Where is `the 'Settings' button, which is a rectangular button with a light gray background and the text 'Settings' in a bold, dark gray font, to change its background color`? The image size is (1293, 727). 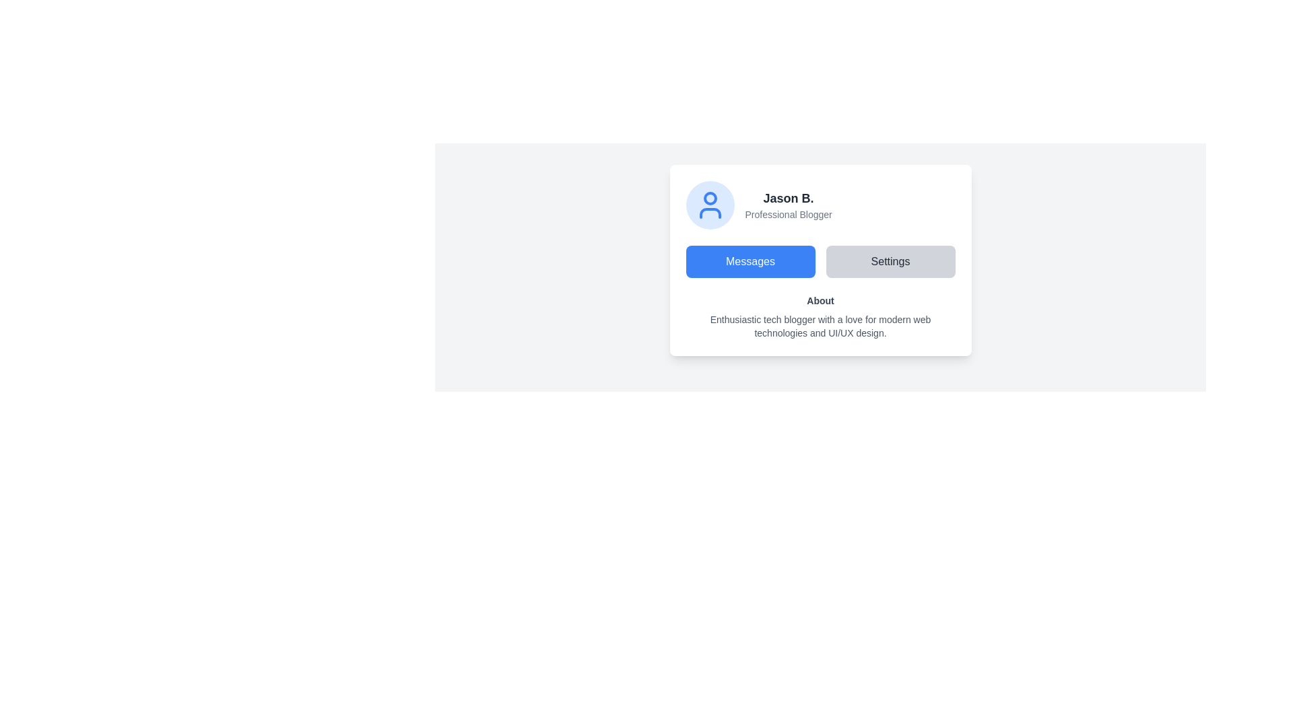
the 'Settings' button, which is a rectangular button with a light gray background and the text 'Settings' in a bold, dark gray font, to change its background color is located at coordinates (890, 262).